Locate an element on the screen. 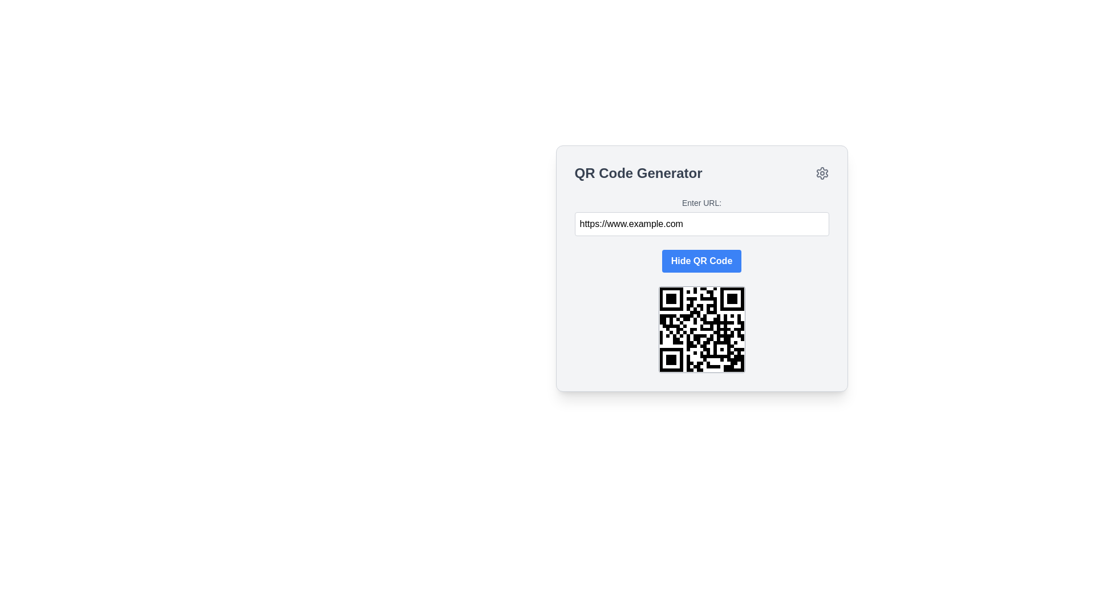 The height and width of the screenshot is (616, 1095). the settings gear icon located at the top-right corner of the application header, next to the 'QR Code Generator' text is located at coordinates (822, 173).